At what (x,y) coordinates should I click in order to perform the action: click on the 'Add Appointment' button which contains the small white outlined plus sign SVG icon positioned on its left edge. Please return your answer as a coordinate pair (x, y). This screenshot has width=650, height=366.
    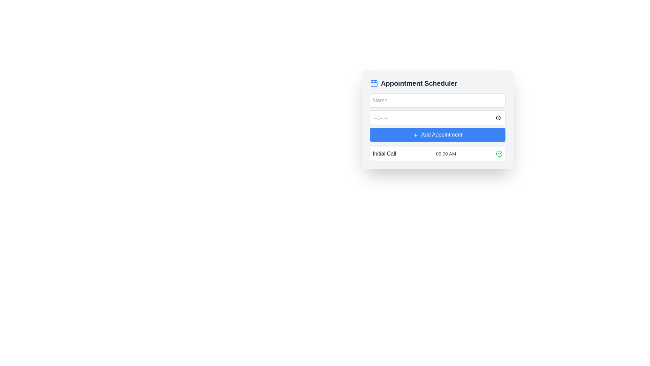
    Looking at the image, I should click on (415, 135).